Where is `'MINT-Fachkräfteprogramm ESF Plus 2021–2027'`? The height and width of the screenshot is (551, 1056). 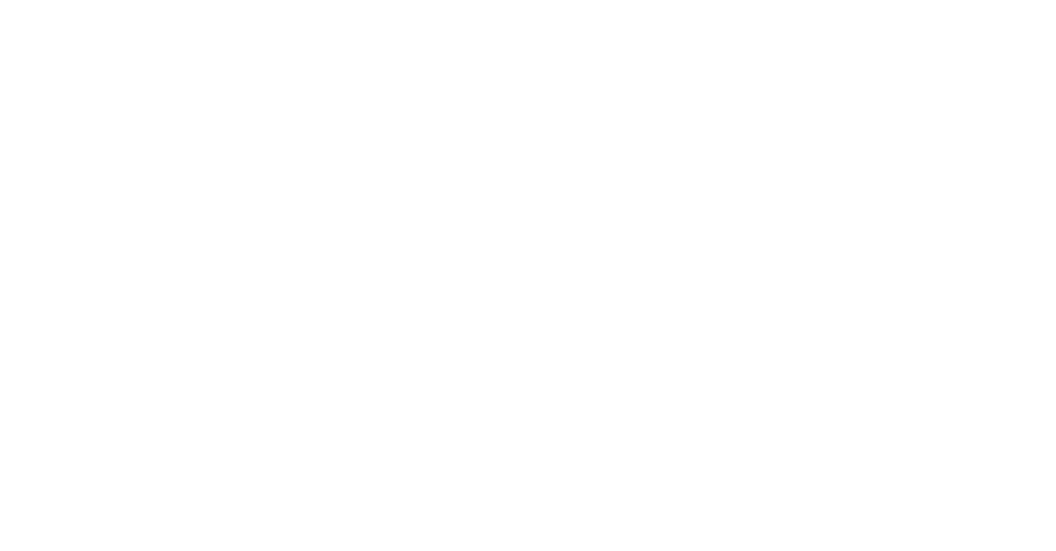 'MINT-Fachkräfteprogramm ESF Plus 2021–2027' is located at coordinates (106, 477).